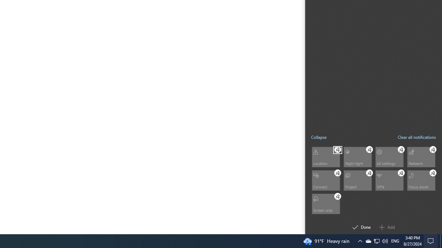 The image size is (442, 248). What do you see at coordinates (325, 157) in the screenshot?
I see `'Location'` at bounding box center [325, 157].